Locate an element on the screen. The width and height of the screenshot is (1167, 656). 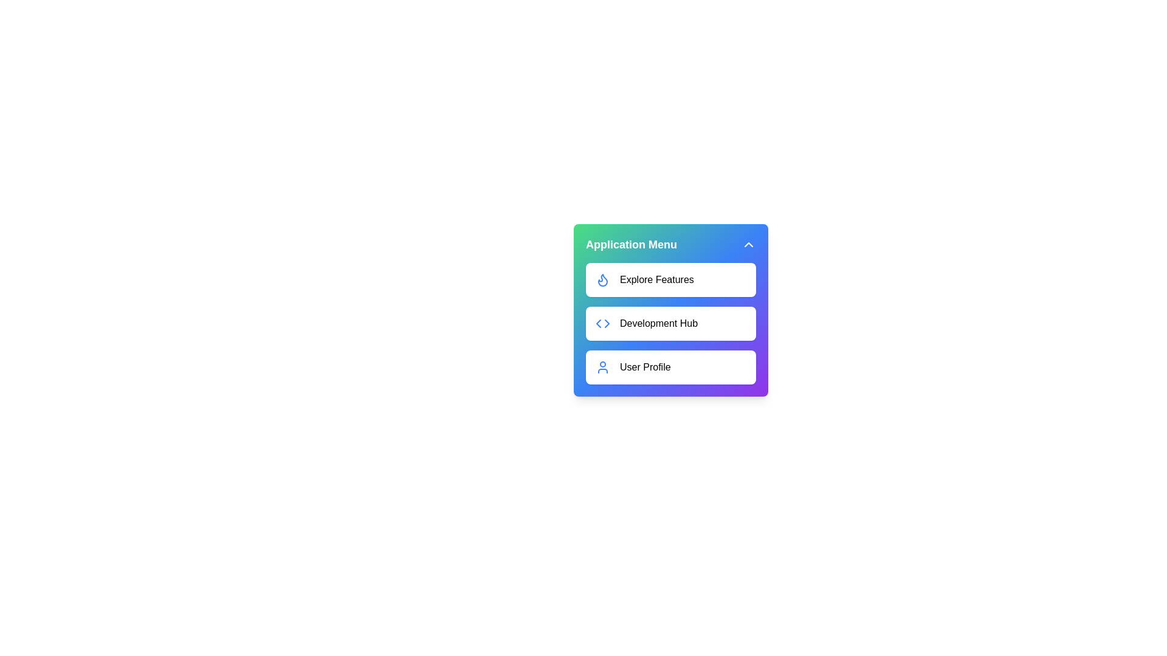
the menu item labeled Development Hub from the menu is located at coordinates (670, 323).